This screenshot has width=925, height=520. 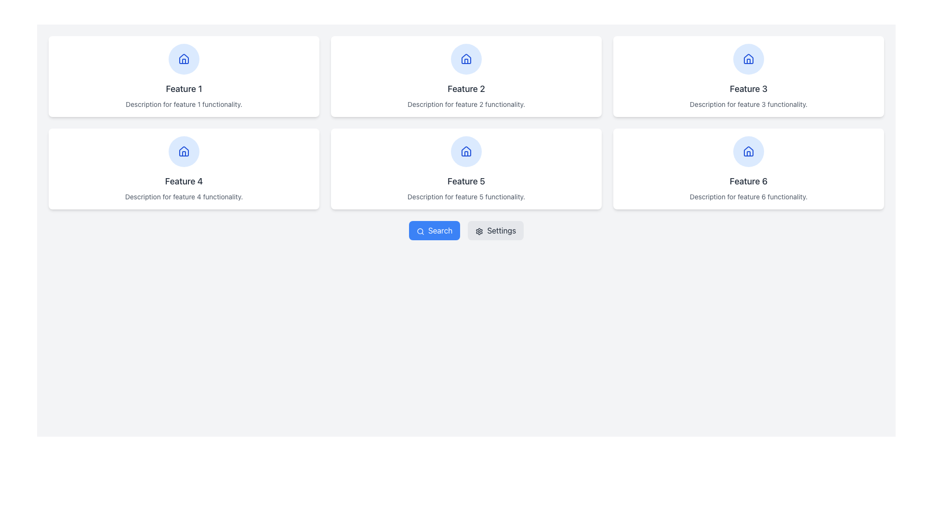 I want to click on the circular icon associated with the 'Feature 5' section, which is located above the text 'Feature 5', so click(x=466, y=152).